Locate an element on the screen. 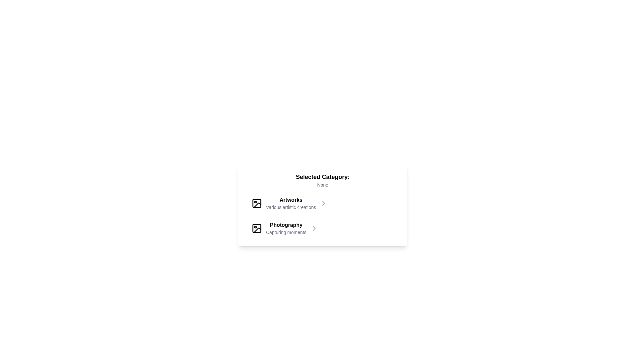 This screenshot has height=356, width=633. the static text label that indicates the currently selected category in the system interface, which is centrally positioned in the upper section of the interface is located at coordinates (323, 176).